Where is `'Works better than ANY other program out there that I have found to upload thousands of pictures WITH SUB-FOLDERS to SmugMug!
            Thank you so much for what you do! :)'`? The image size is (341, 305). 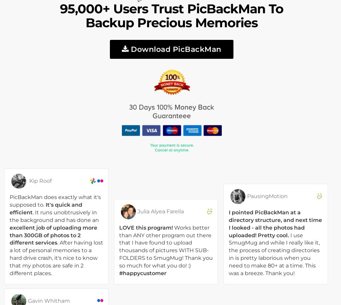 'Works better than ANY other program out there that I have found to upload thousands of pictures WITH SUB-FOLDERS to SmugMug!
            Thank you so much for what you do! :)' is located at coordinates (166, 246).